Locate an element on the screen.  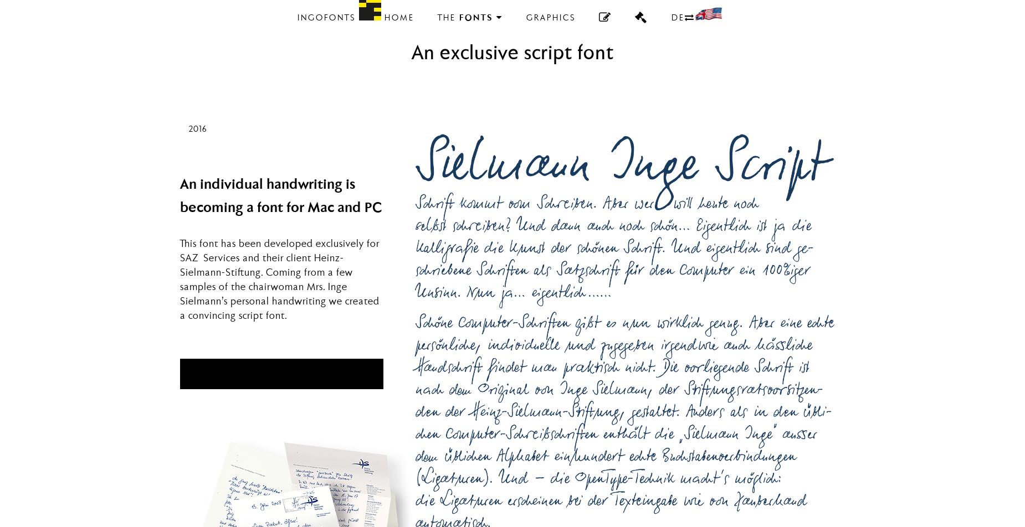
'Fonts' is located at coordinates (459, 18).